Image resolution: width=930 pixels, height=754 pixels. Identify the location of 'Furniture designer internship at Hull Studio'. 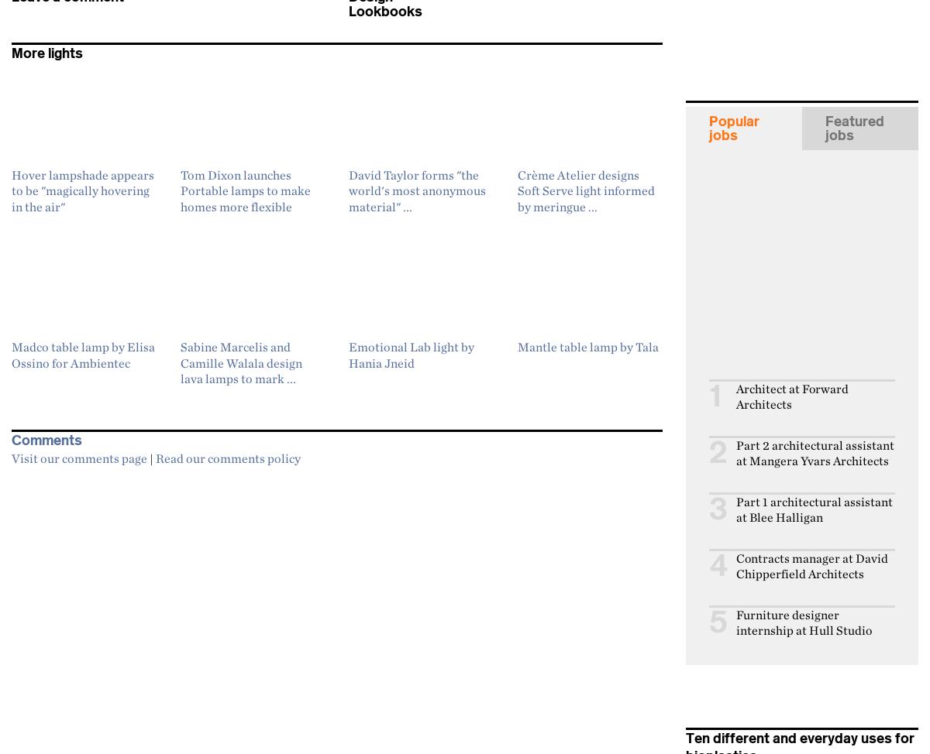
(804, 621).